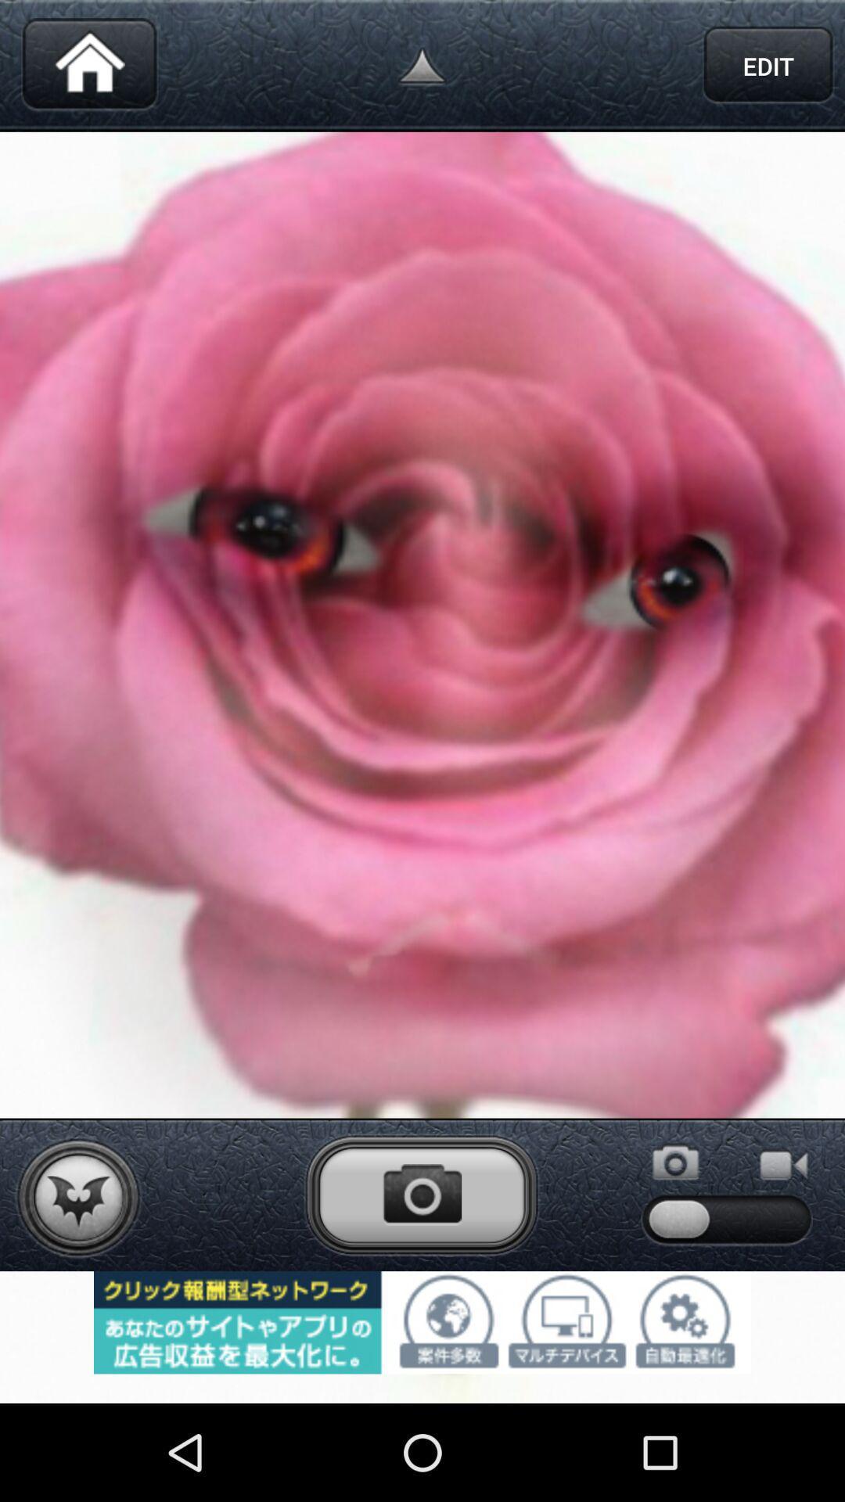 The image size is (845, 1502). What do you see at coordinates (422, 69) in the screenshot?
I see `the arrow_upward icon` at bounding box center [422, 69].